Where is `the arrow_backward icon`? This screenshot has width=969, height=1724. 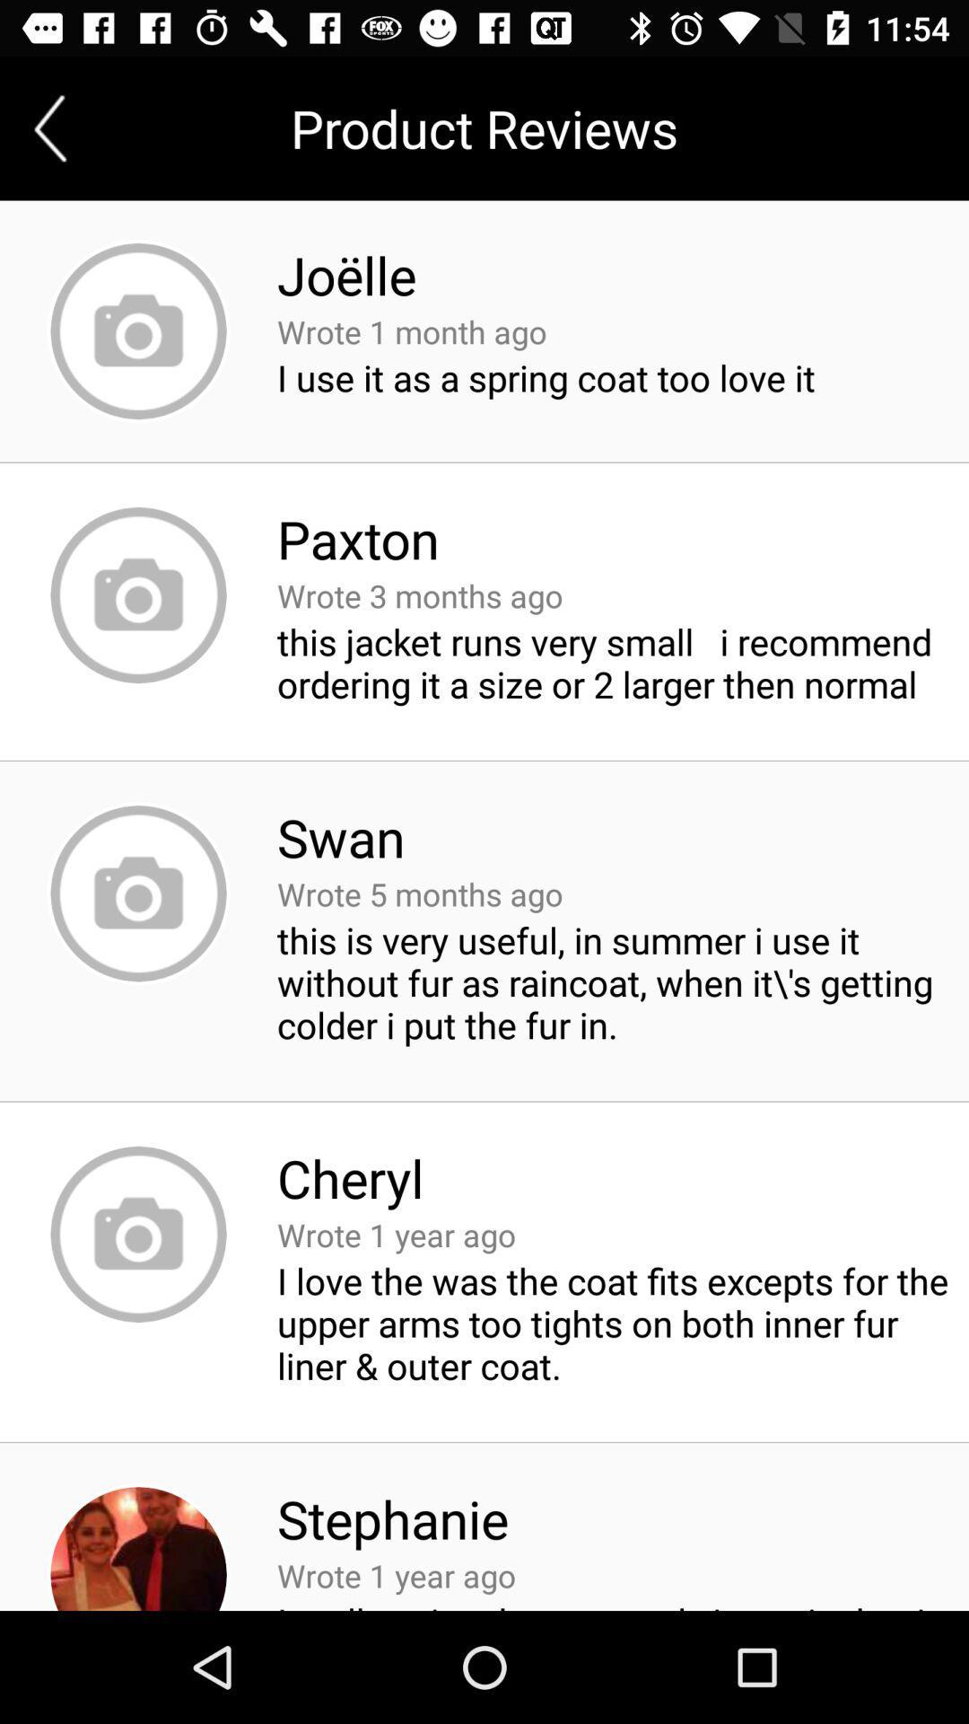
the arrow_backward icon is located at coordinates (49, 128).